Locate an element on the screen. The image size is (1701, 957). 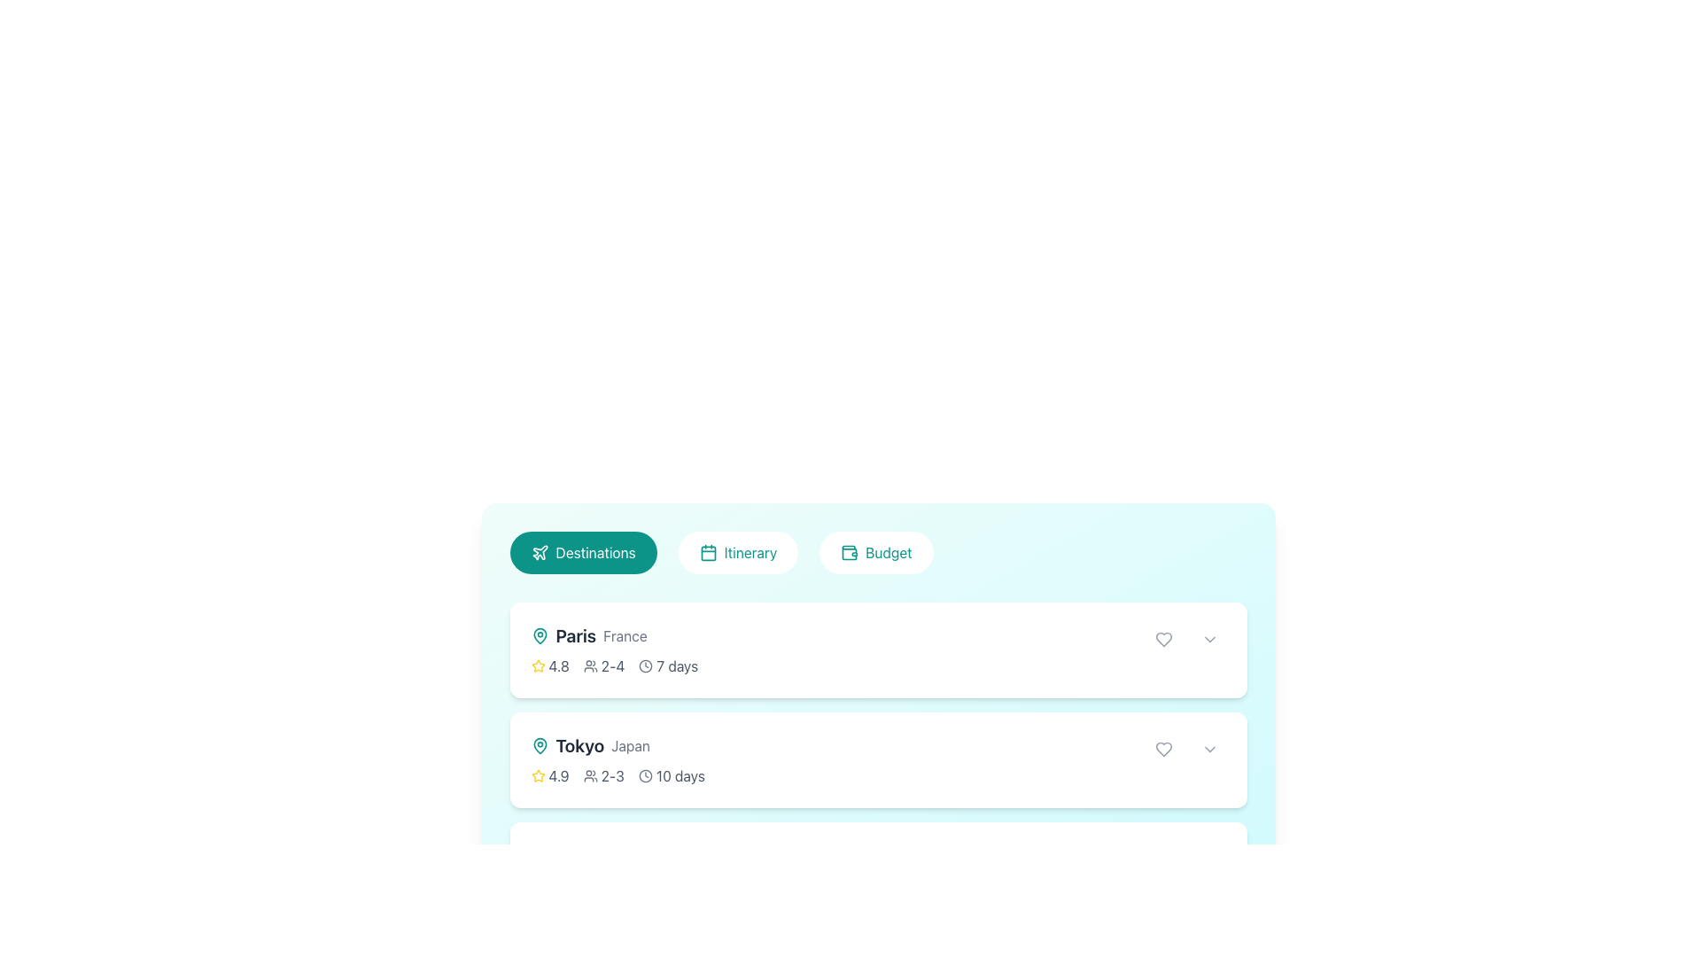
the heart icon button in the top-right corner of the destination card is located at coordinates (1163, 639).